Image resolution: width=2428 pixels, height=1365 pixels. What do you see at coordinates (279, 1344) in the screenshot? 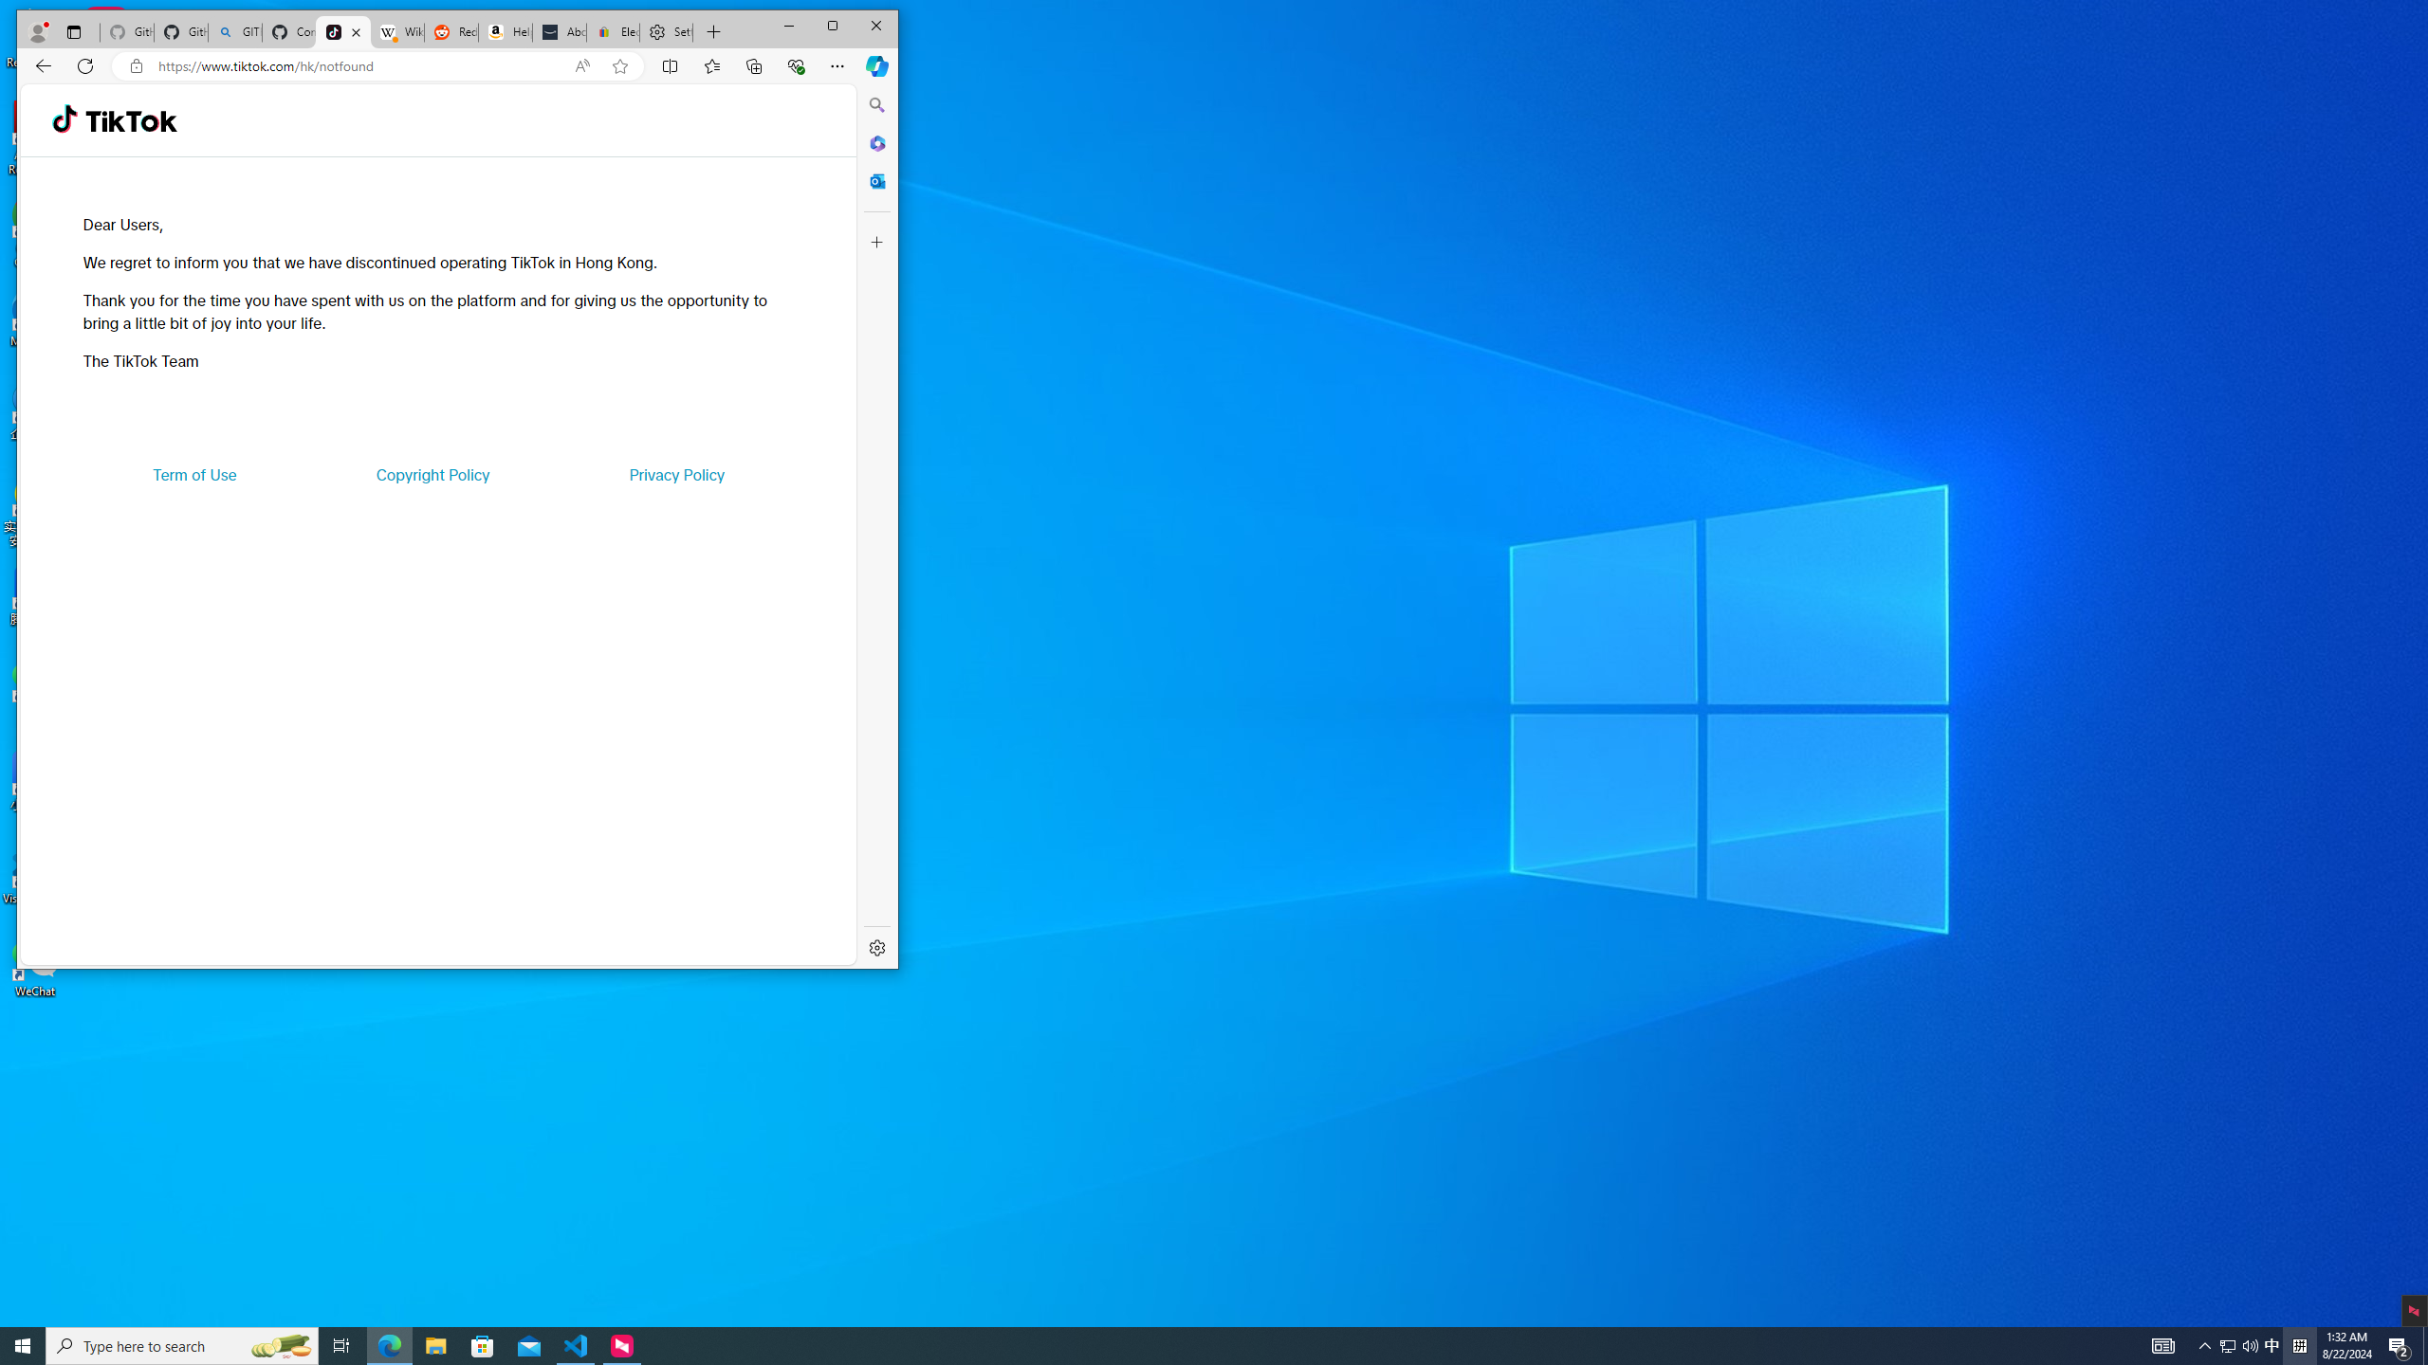
I see `'Search highlights icon opens search home window'` at bounding box center [279, 1344].